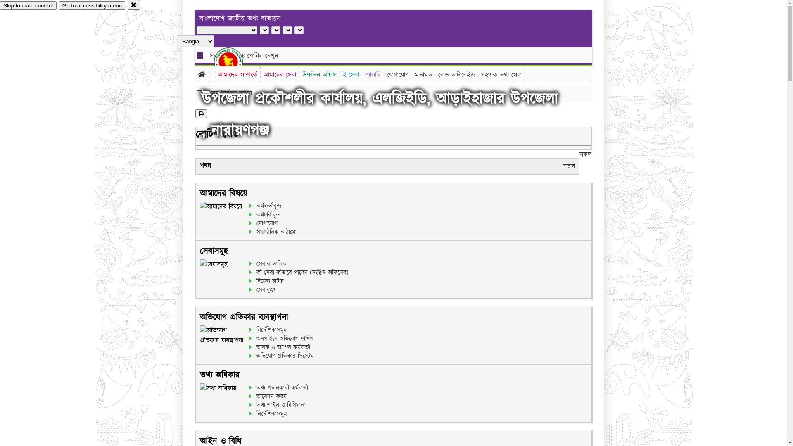 The height and width of the screenshot is (446, 793). I want to click on ', so click(235, 61).